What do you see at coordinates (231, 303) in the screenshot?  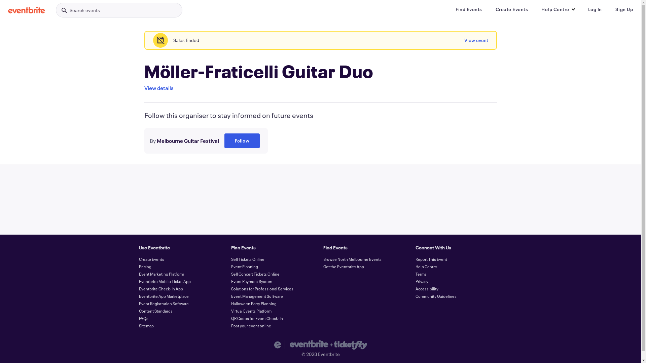 I see `'Halloween Party Planning'` at bounding box center [231, 303].